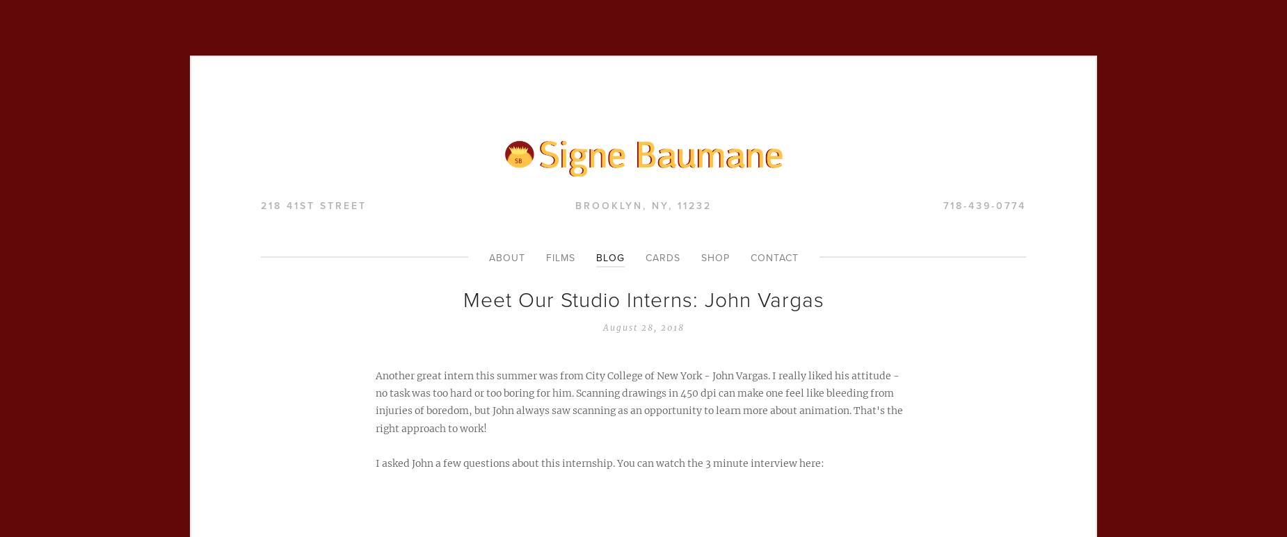 This screenshot has width=1287, height=537. Describe the element at coordinates (699, 258) in the screenshot. I see `'Shop'` at that location.